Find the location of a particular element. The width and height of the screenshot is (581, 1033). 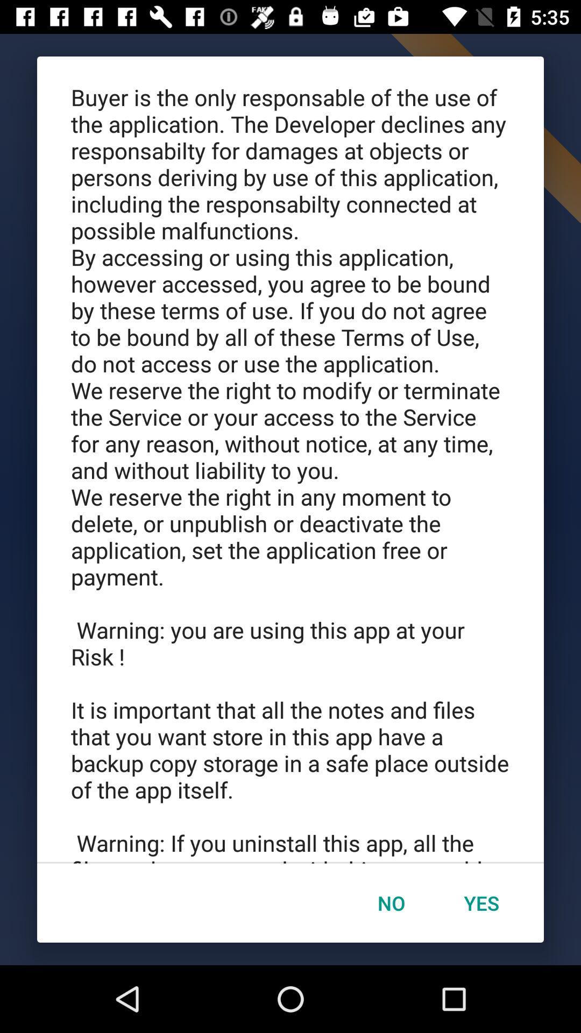

the icon to the right of no button is located at coordinates (481, 903).